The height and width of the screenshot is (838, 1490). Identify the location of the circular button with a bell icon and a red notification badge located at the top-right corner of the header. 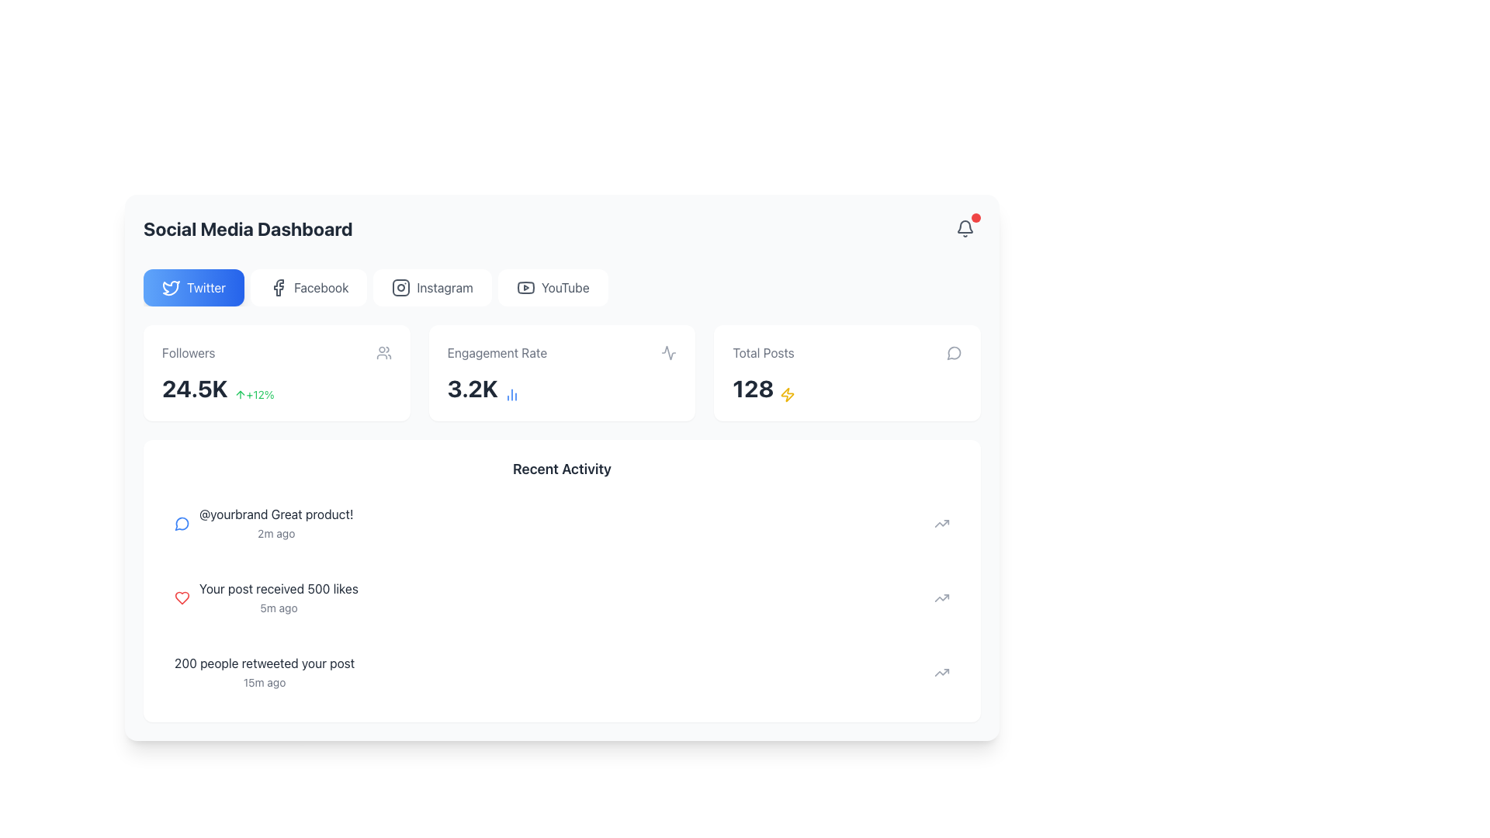
(964, 228).